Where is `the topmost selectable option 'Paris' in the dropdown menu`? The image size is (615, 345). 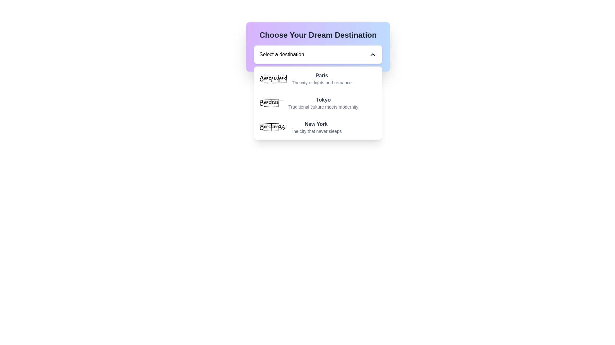
the topmost selectable option 'Paris' in the dropdown menu is located at coordinates (318, 78).